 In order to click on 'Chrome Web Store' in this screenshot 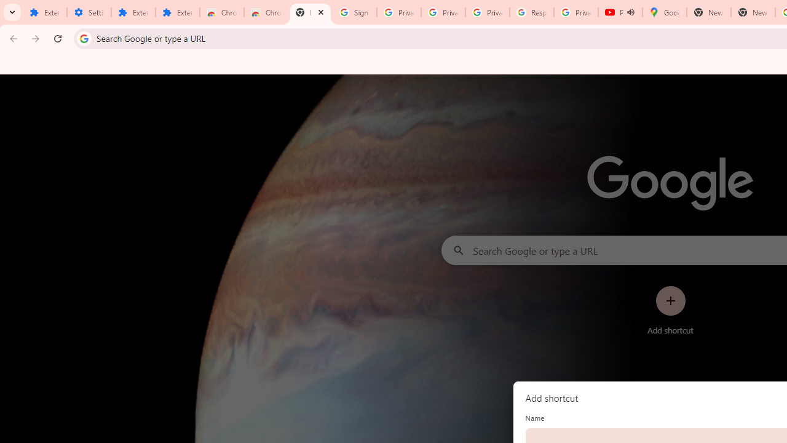, I will do `click(221, 12)`.